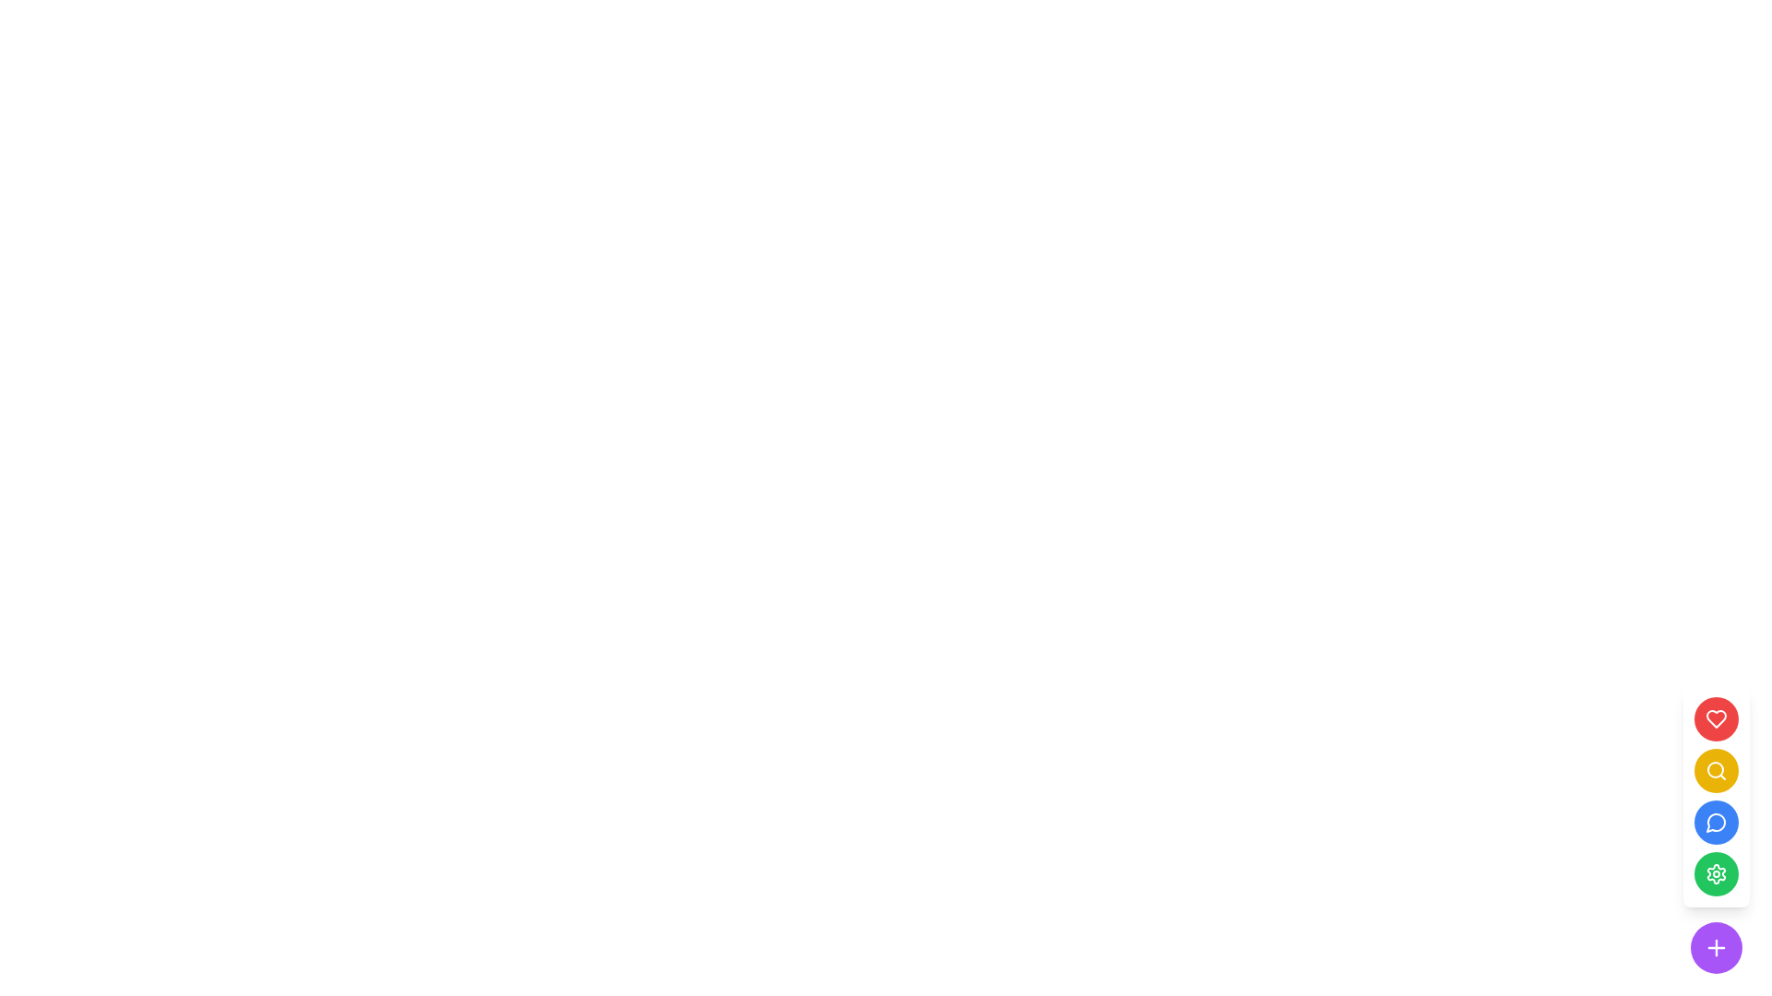 Image resolution: width=1772 pixels, height=996 pixels. What do you see at coordinates (1714, 769) in the screenshot?
I see `the circular graphical element within the SVG search icon, which is the inner part of the magnifying glass and is the second button from the top` at bounding box center [1714, 769].